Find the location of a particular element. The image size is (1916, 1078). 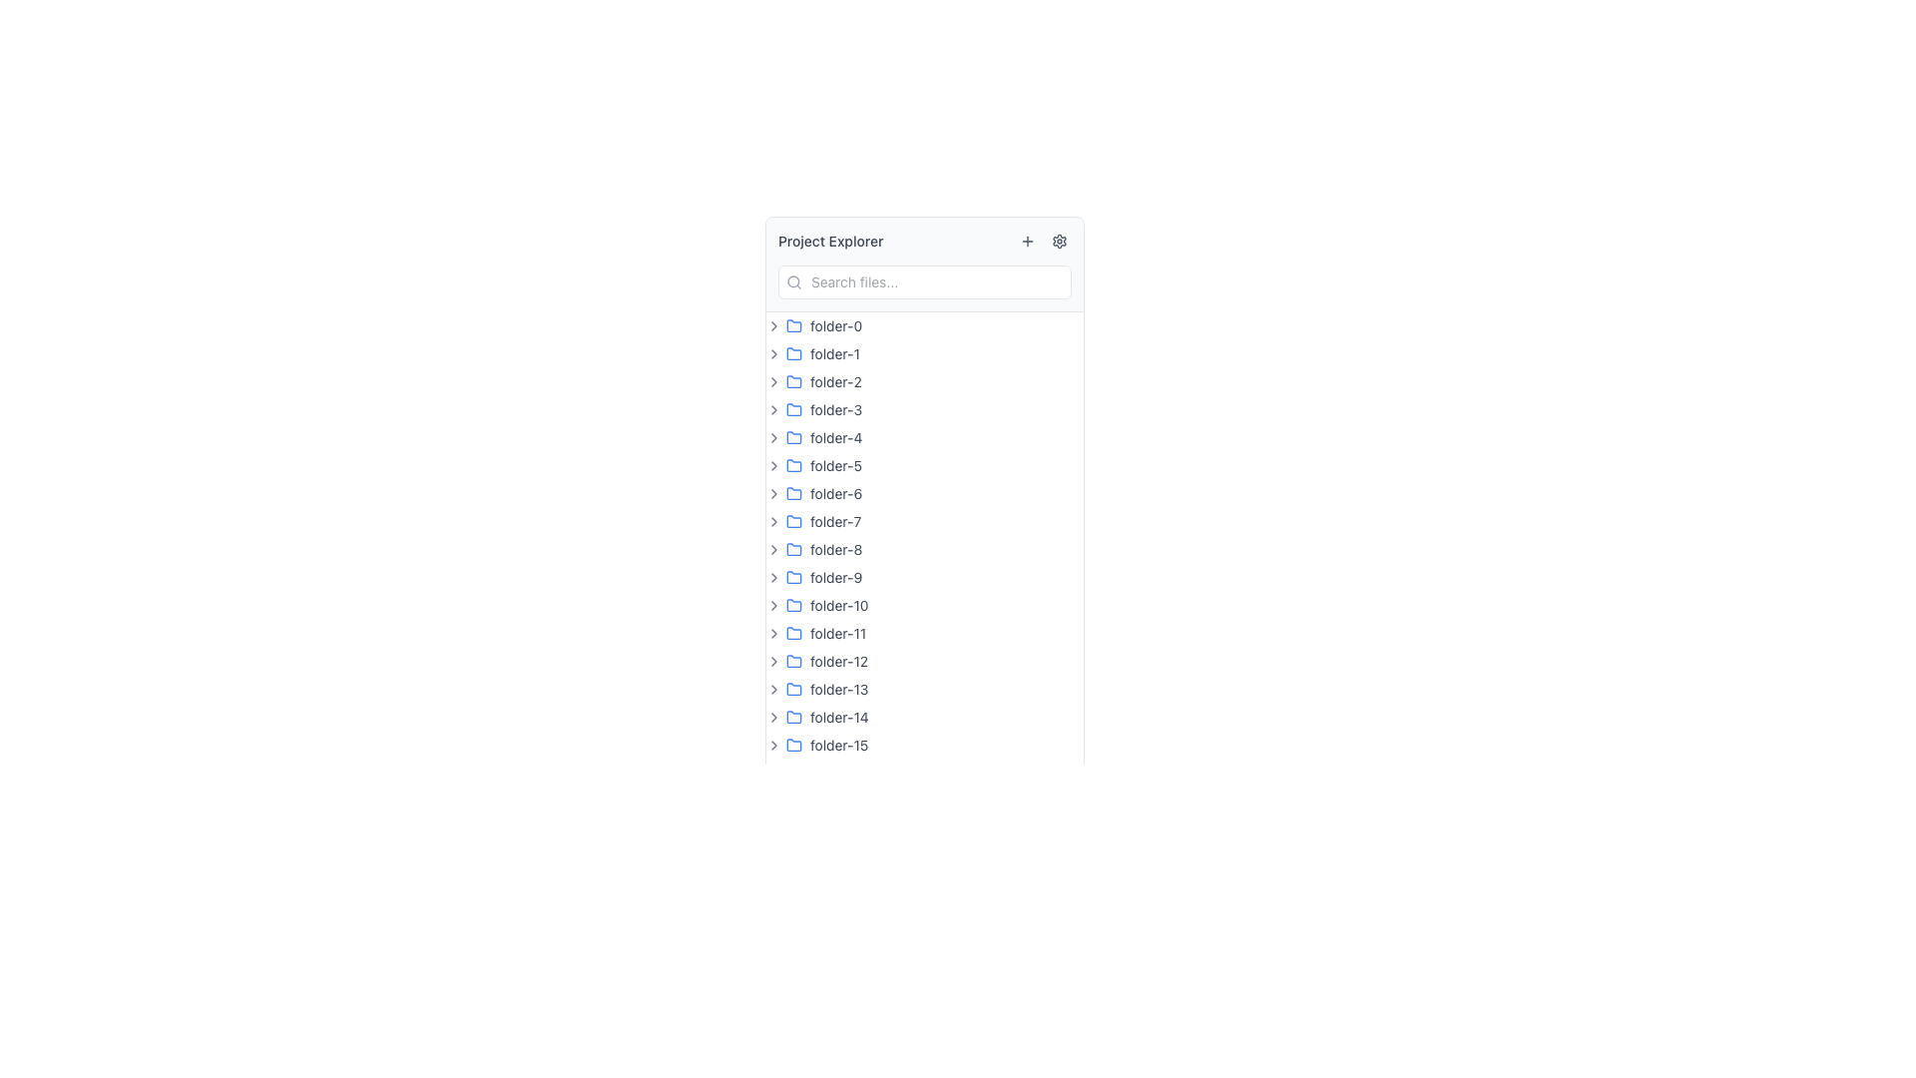

the text label identifying the folder 'folder-5' in the Project Explorer is located at coordinates (836, 465).